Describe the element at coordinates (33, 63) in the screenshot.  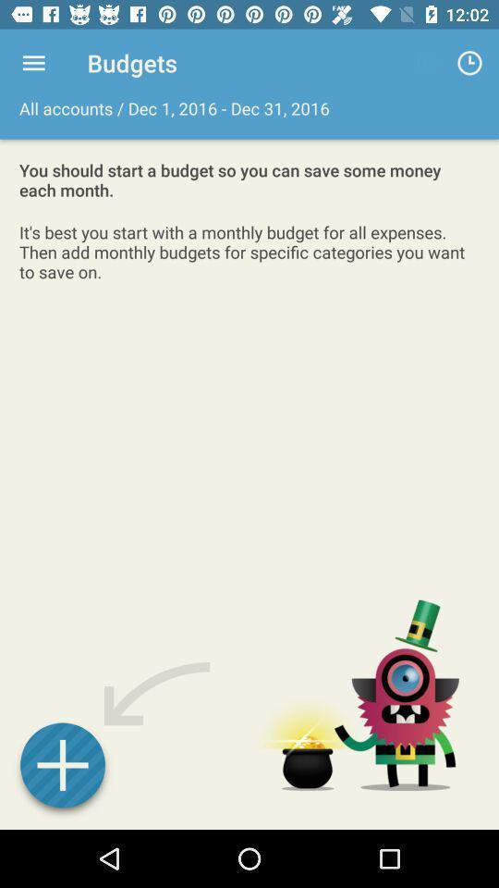
I see `the item next to budgets icon` at that location.